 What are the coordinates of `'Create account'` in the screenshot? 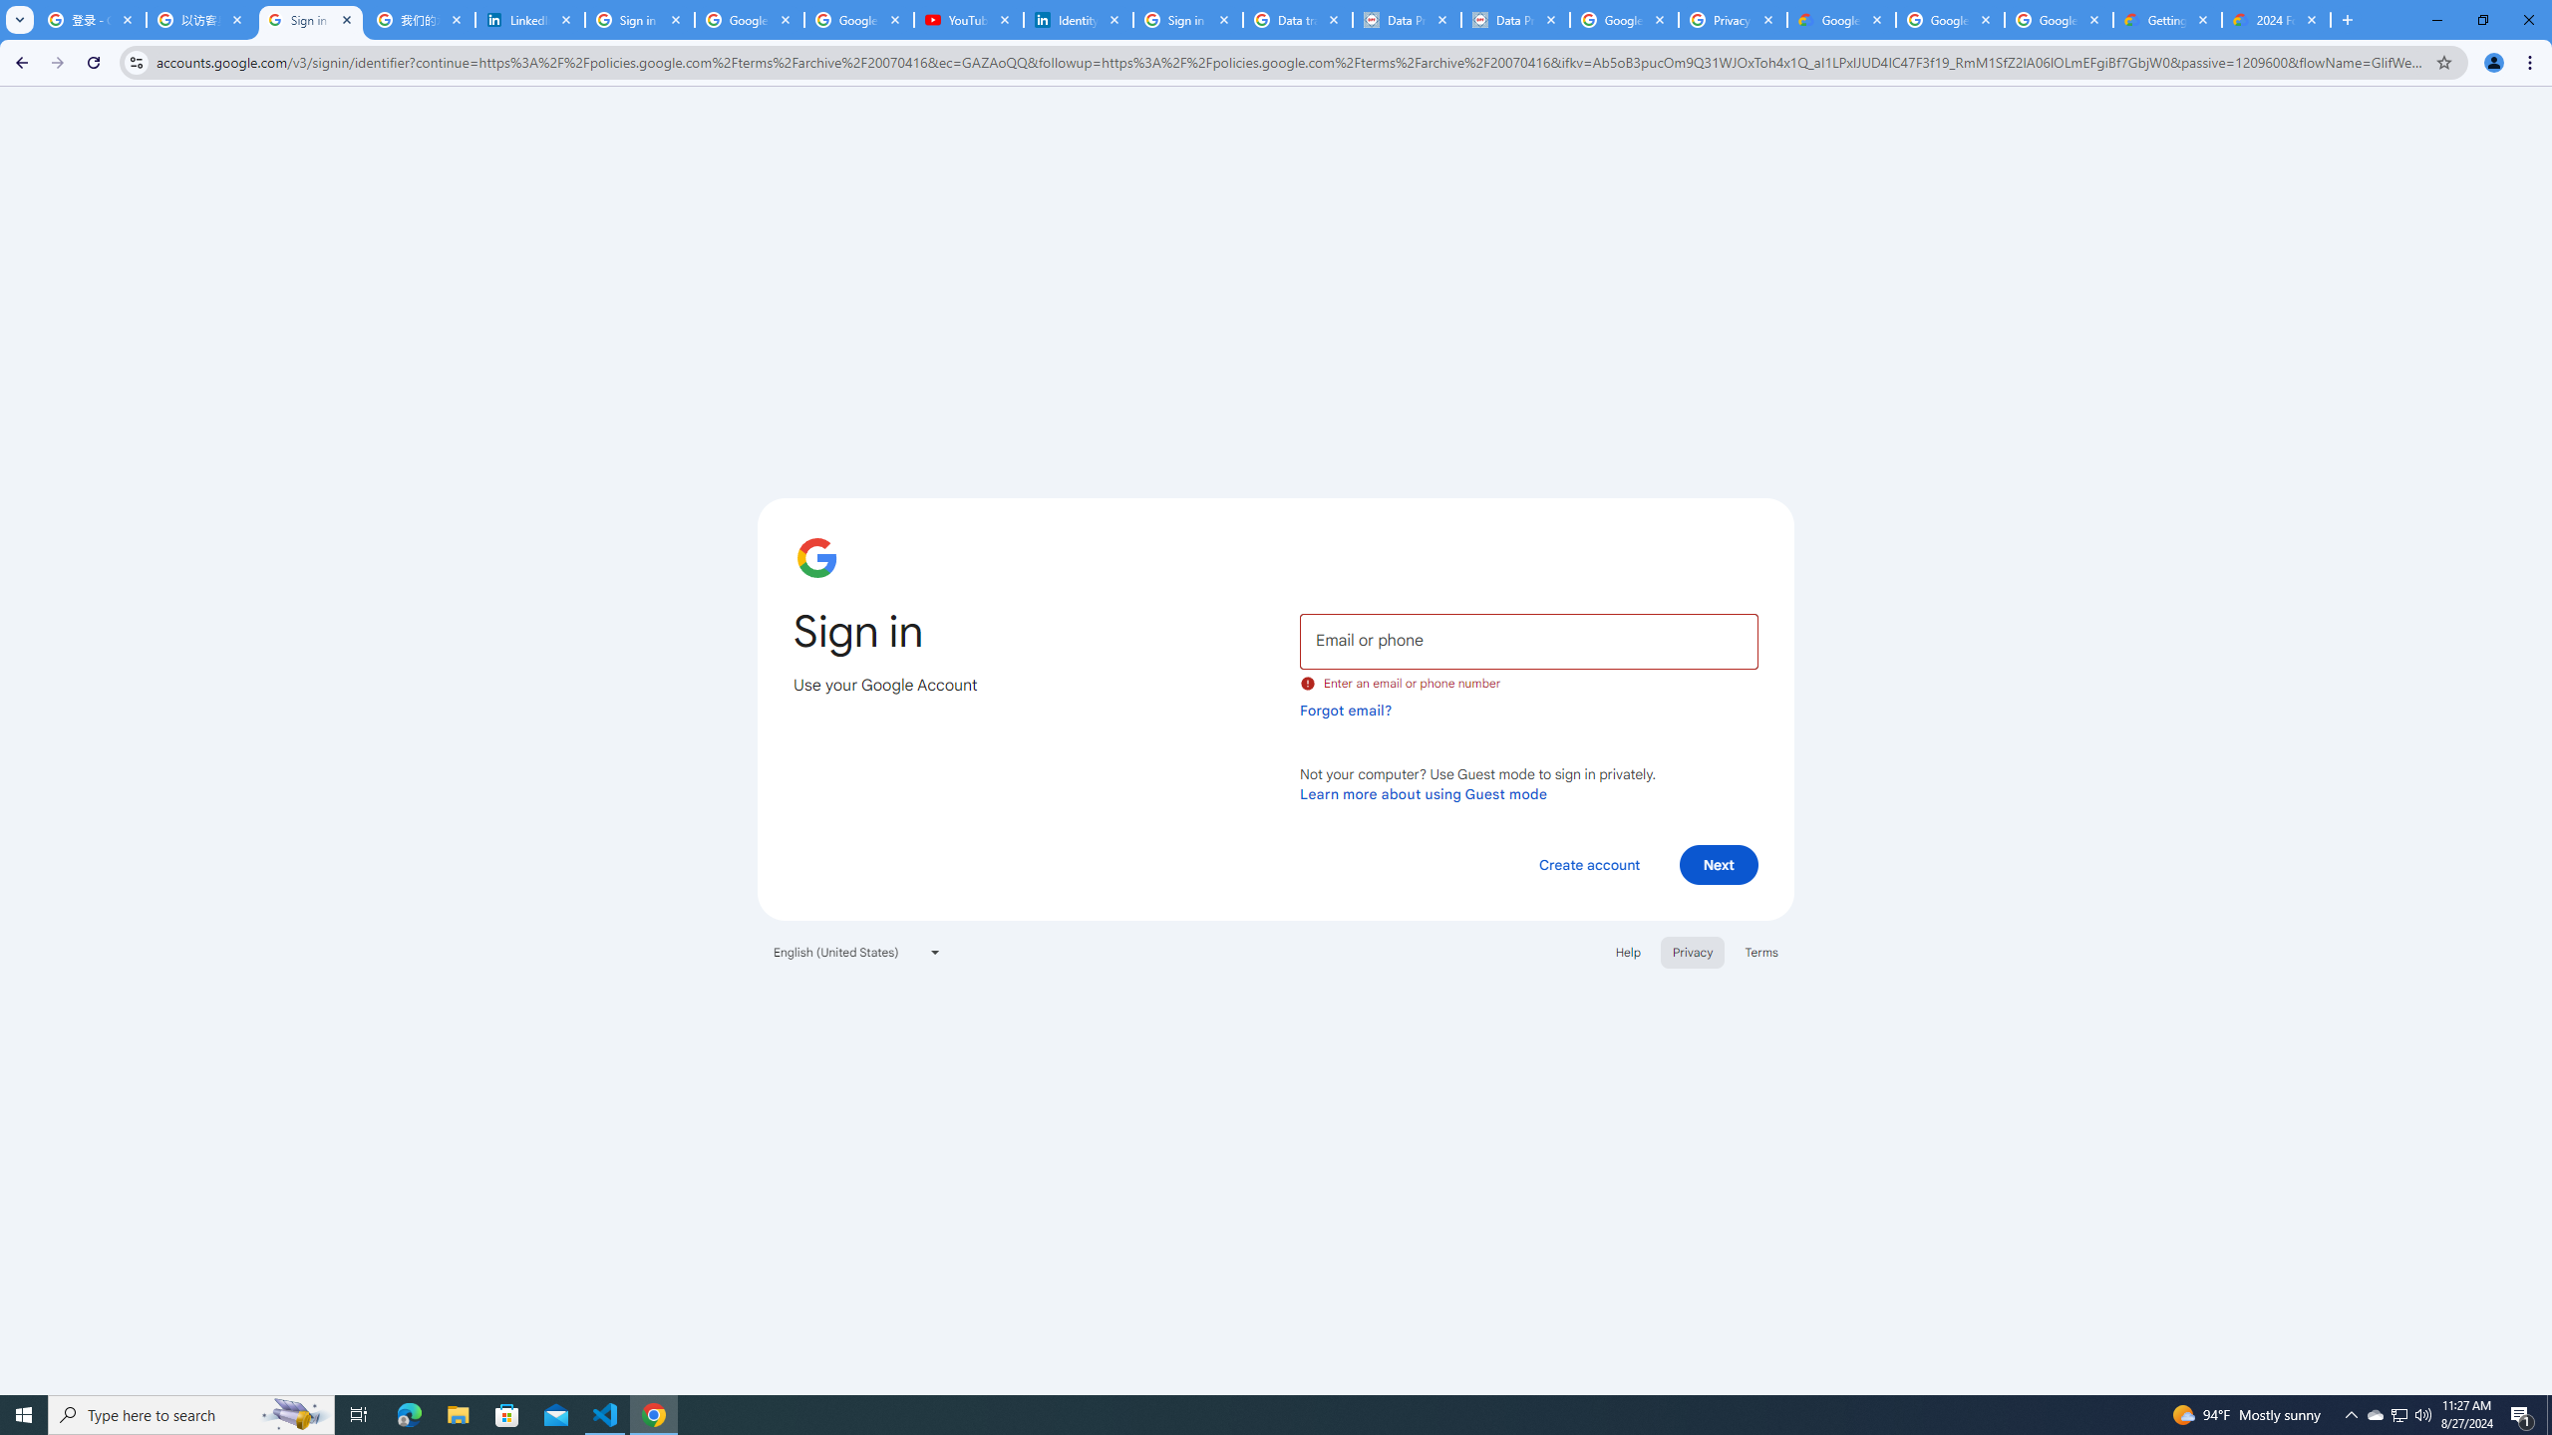 It's located at (1588, 863).